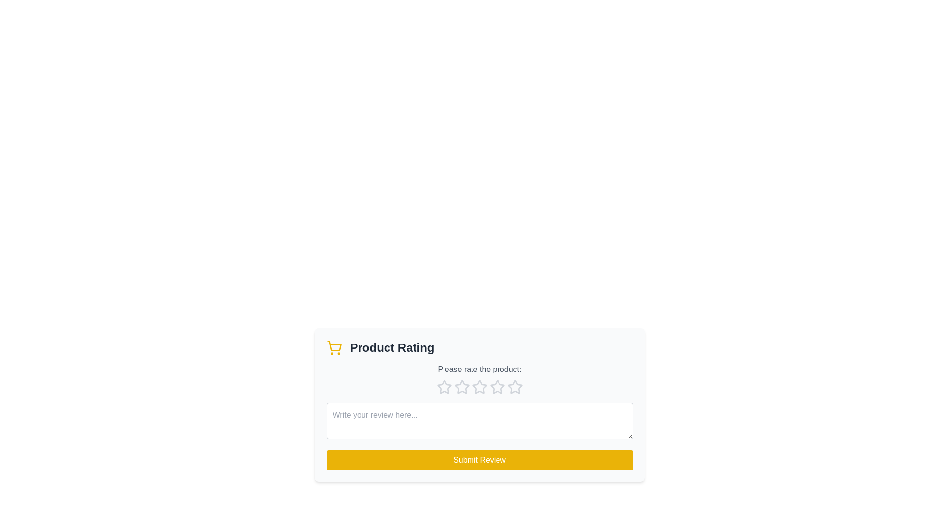  I want to click on the main body shape of the shopping cart icon located in the 'Product Rating' section, so click(334, 345).